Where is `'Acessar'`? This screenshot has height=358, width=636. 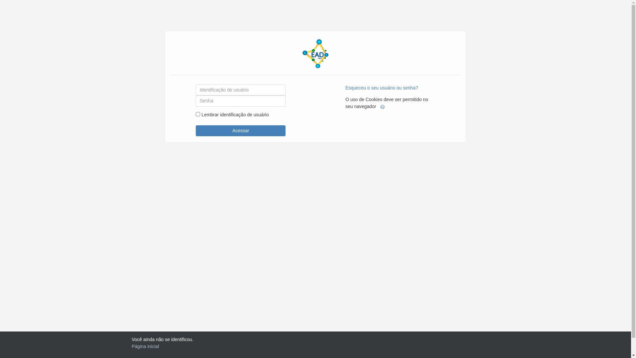 'Acessar' is located at coordinates (240, 131).